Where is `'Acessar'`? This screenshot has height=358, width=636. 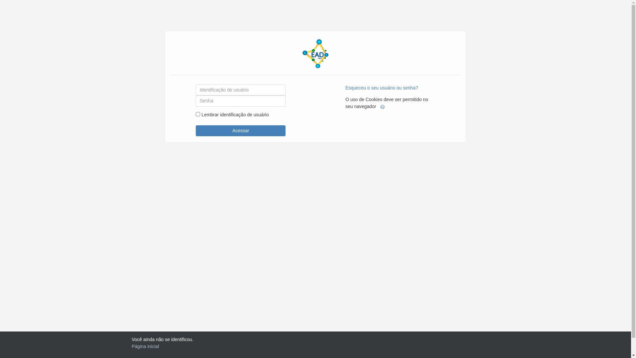 'Acessar' is located at coordinates (240, 131).